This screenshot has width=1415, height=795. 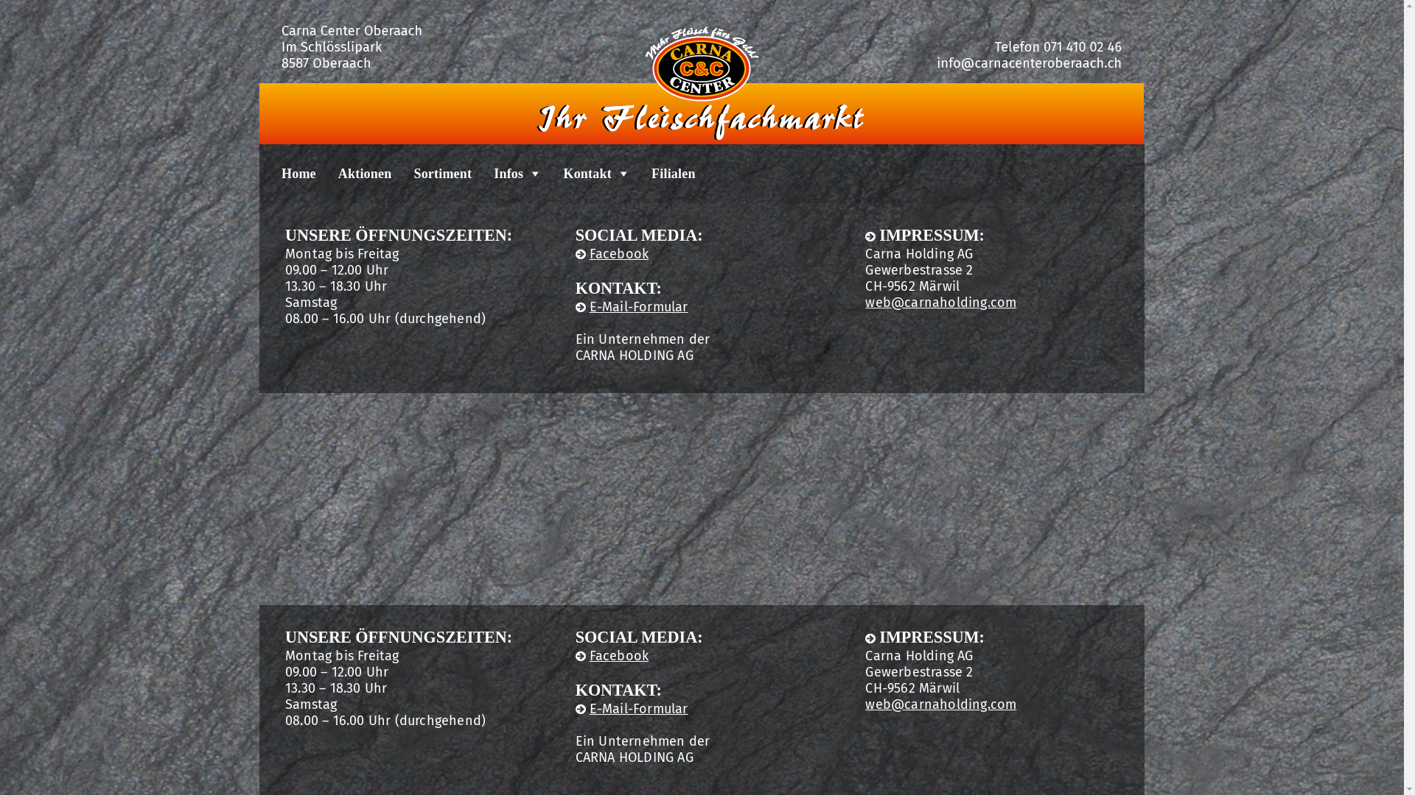 I want to click on 'E-Mail-Formular', so click(x=632, y=708).